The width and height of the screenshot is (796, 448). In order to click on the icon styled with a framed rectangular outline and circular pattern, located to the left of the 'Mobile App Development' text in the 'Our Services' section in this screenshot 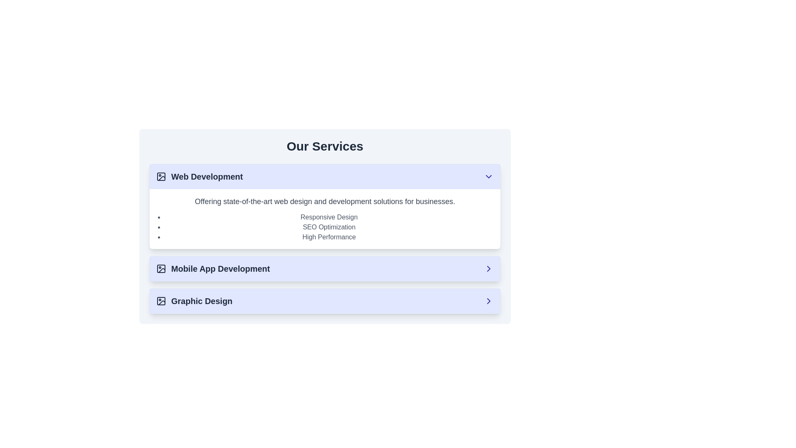, I will do `click(161, 269)`.